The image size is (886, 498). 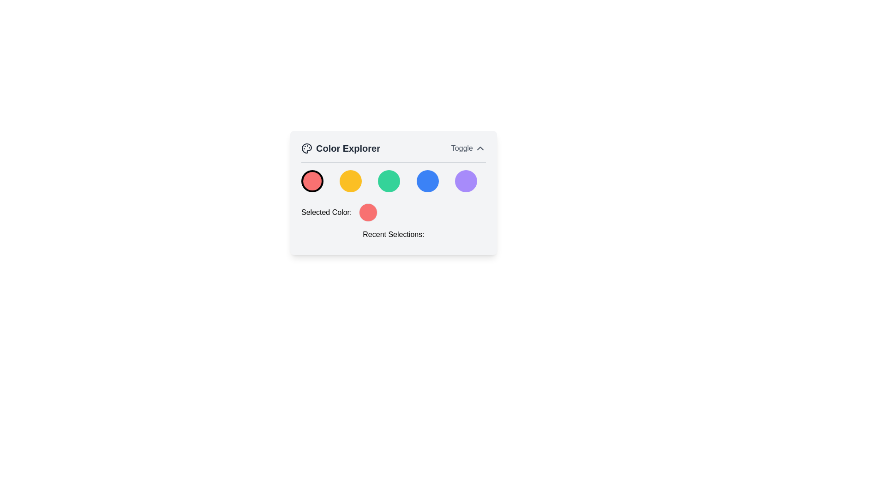 What do you see at coordinates (427, 181) in the screenshot?
I see `the fourth circular button with a solid blue fill in the 'Color Explorer' component` at bounding box center [427, 181].